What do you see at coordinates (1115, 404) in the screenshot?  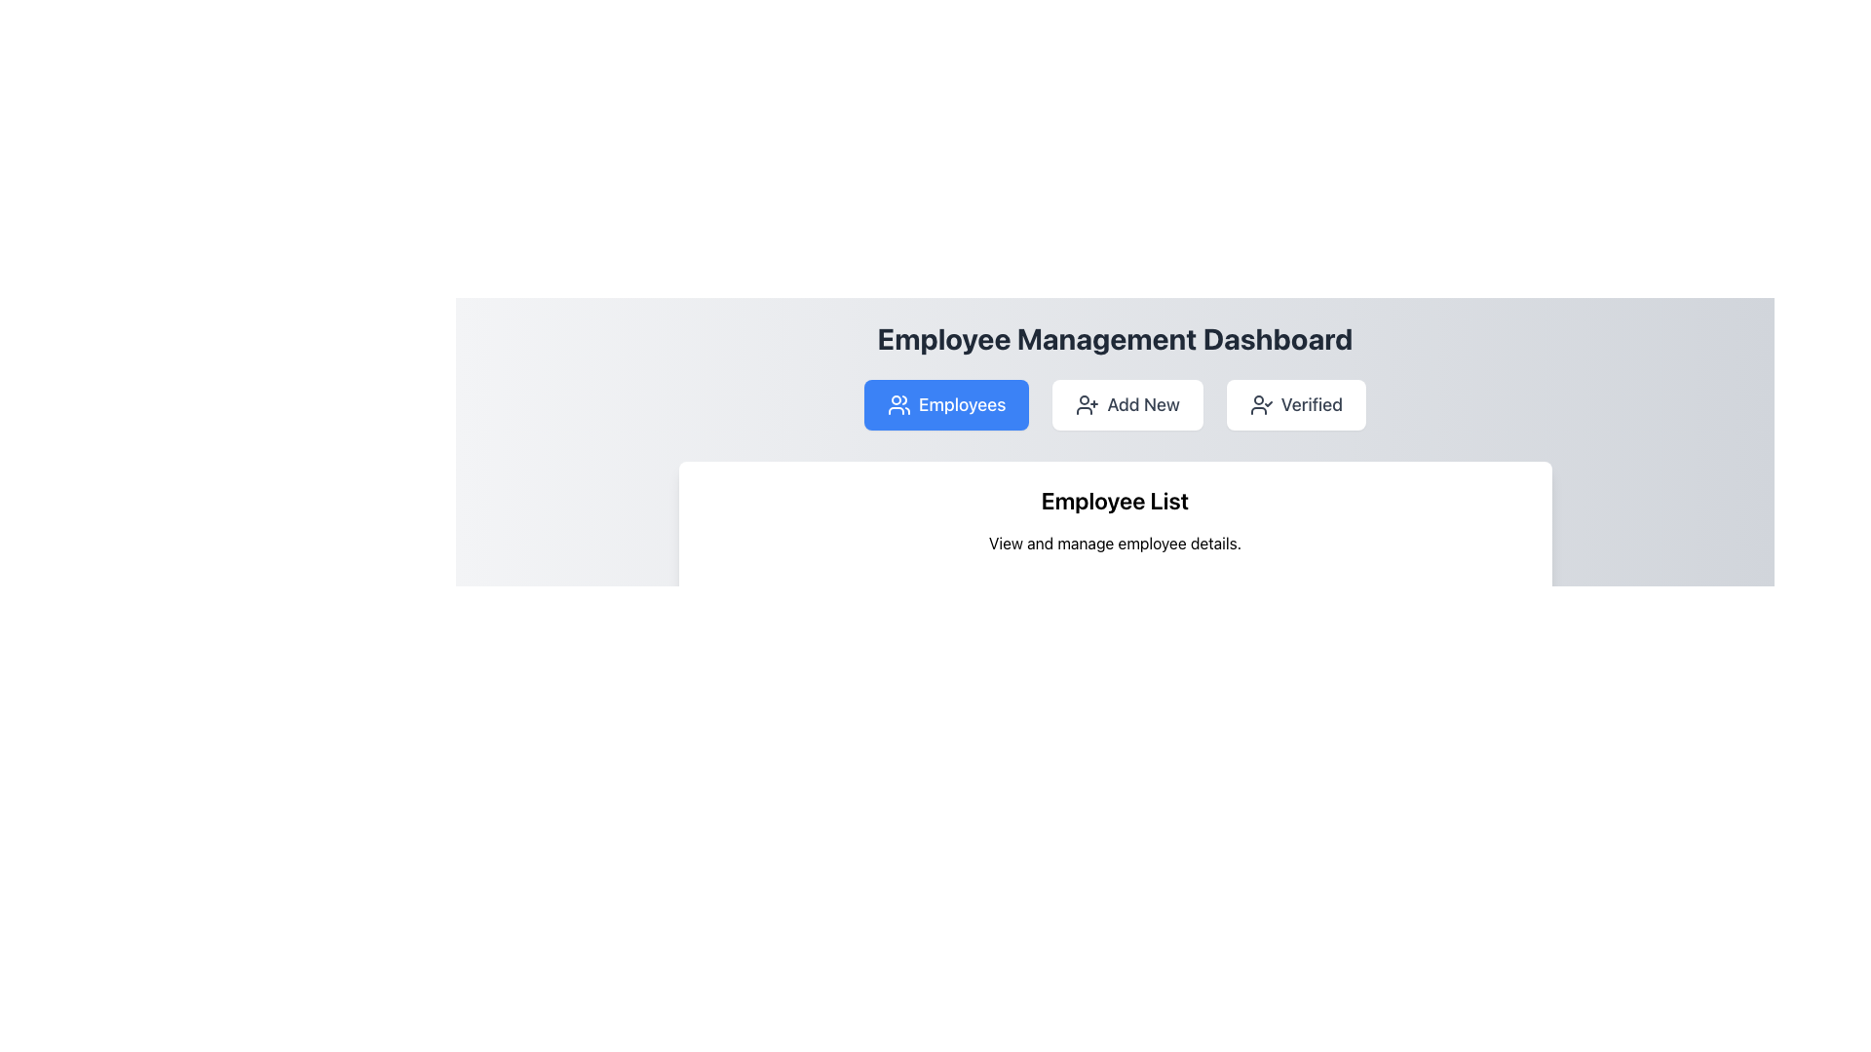 I see `the 'Add Employee' button located in the middle of the trio under 'Employee Management Dashboard'` at bounding box center [1115, 404].